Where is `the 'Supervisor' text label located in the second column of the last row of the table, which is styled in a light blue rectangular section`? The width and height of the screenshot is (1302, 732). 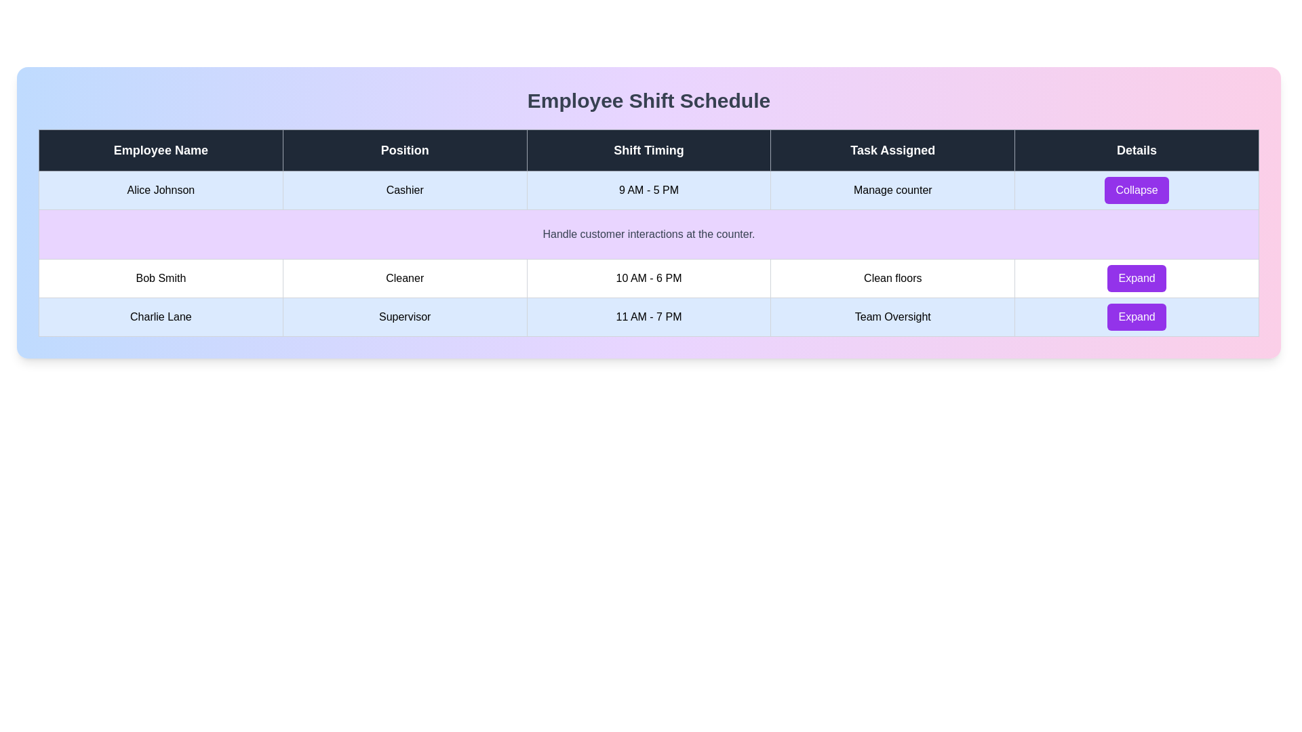 the 'Supervisor' text label located in the second column of the last row of the table, which is styled in a light blue rectangular section is located at coordinates (404, 317).